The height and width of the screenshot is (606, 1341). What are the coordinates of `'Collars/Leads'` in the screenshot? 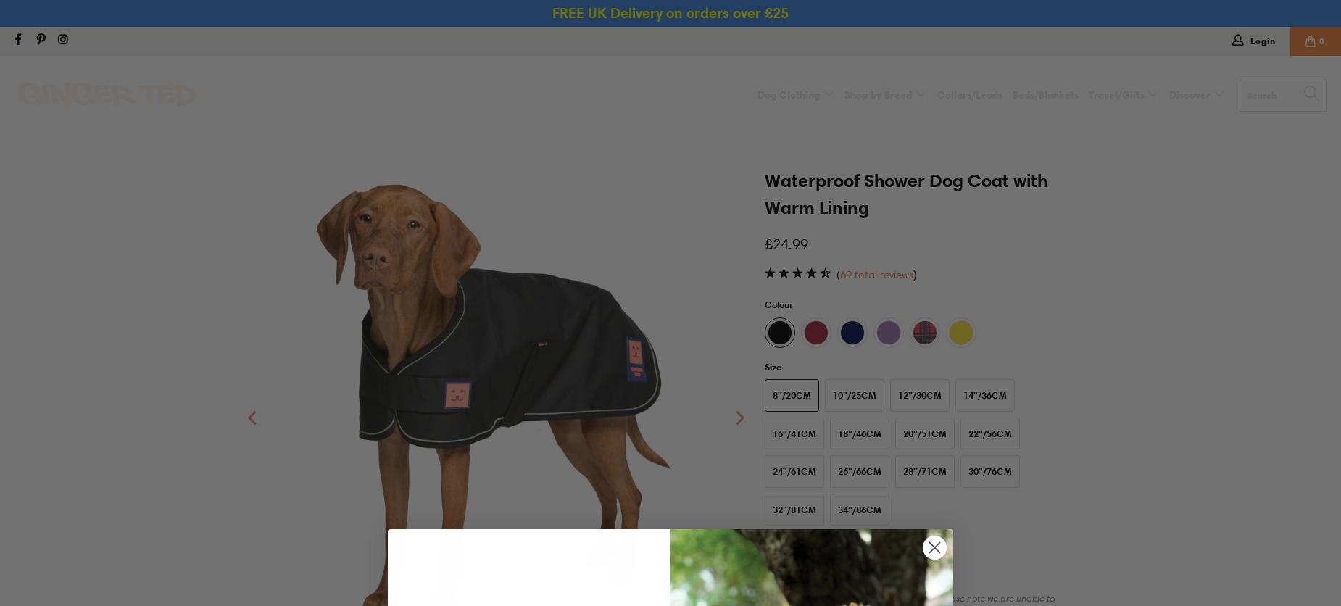 It's located at (968, 94).